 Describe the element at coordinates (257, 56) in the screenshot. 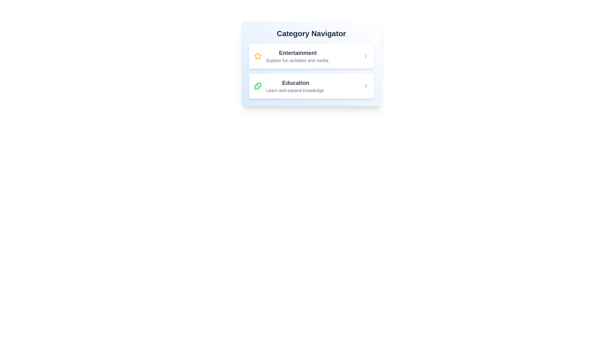

I see `the star icon representing the 'Entertainment' category, located in the top left corner of the corresponding card in the Category Navigator section` at that location.